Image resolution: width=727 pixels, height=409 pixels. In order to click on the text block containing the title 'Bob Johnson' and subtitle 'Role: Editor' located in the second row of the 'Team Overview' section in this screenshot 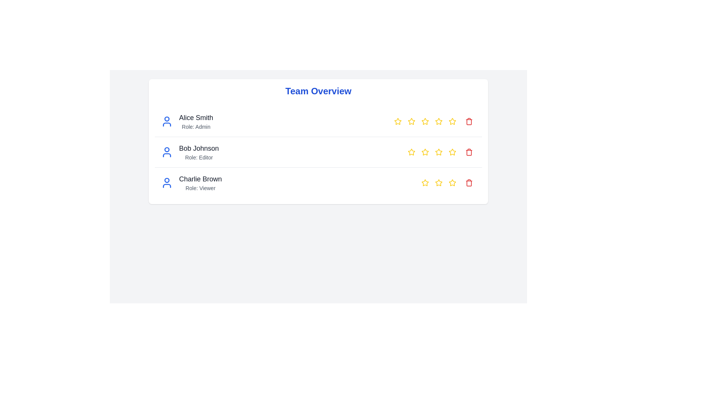, I will do `click(199, 152)`.